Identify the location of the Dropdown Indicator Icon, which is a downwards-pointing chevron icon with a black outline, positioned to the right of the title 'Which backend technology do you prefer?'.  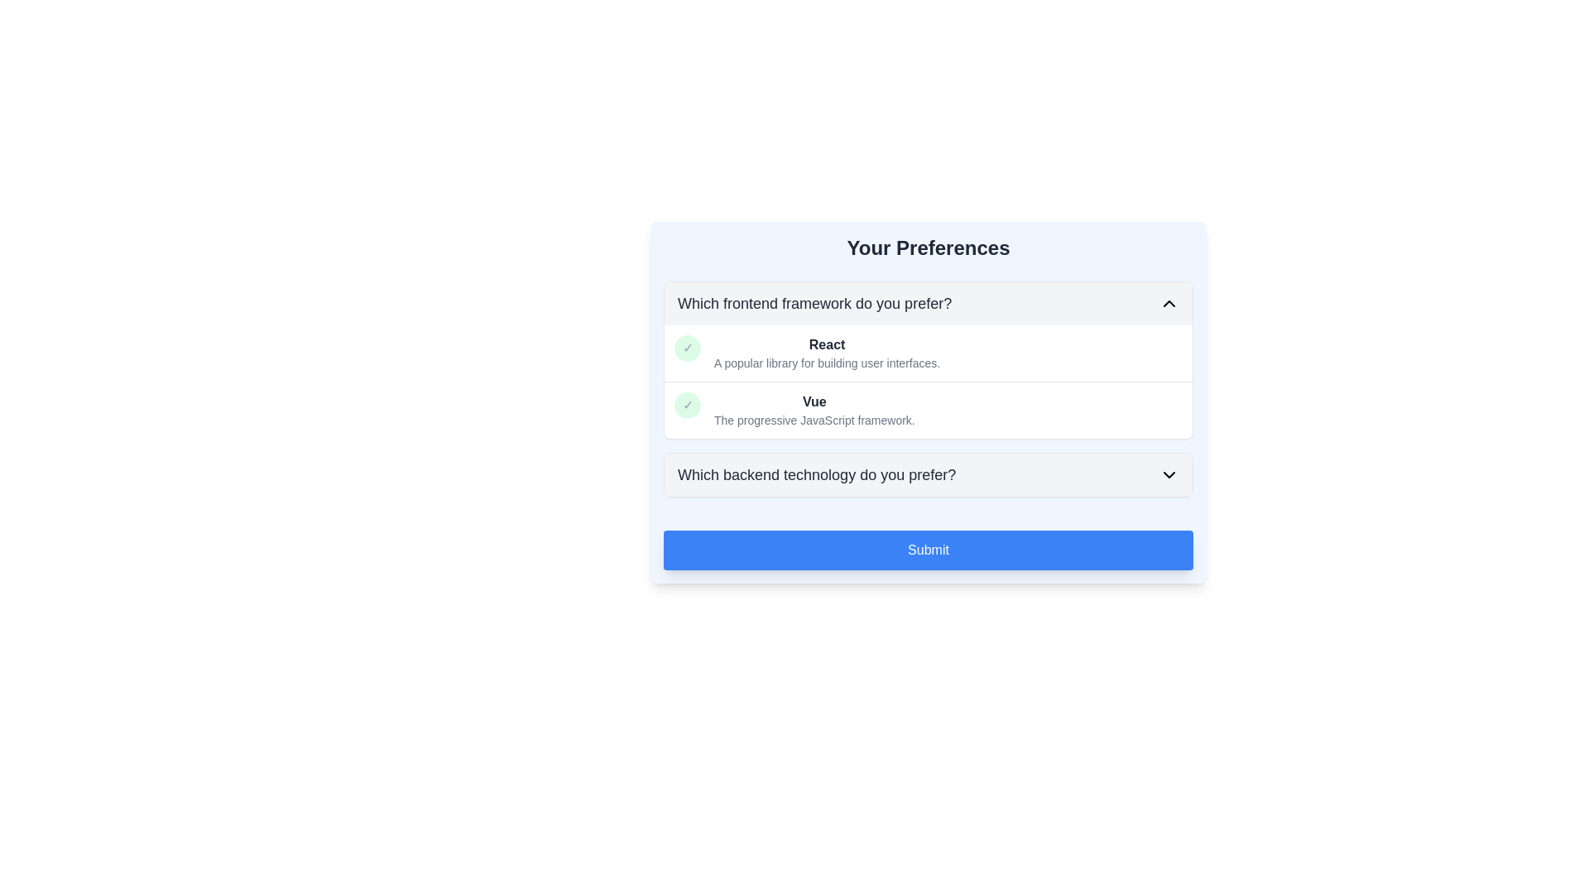
(1168, 475).